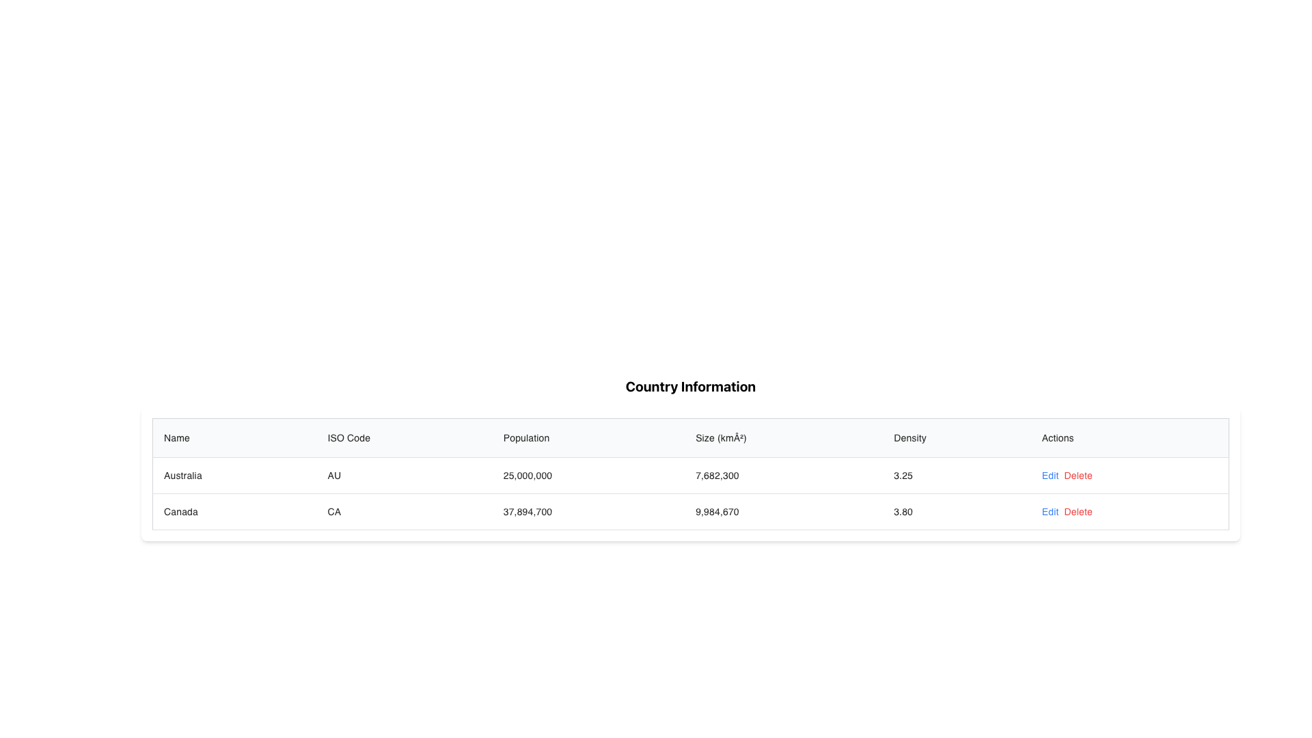 This screenshot has height=738, width=1312. Describe the element at coordinates (1078, 511) in the screenshot. I see `the second interactive hyperlink in the 'Actions' column of the second row in the table` at that location.